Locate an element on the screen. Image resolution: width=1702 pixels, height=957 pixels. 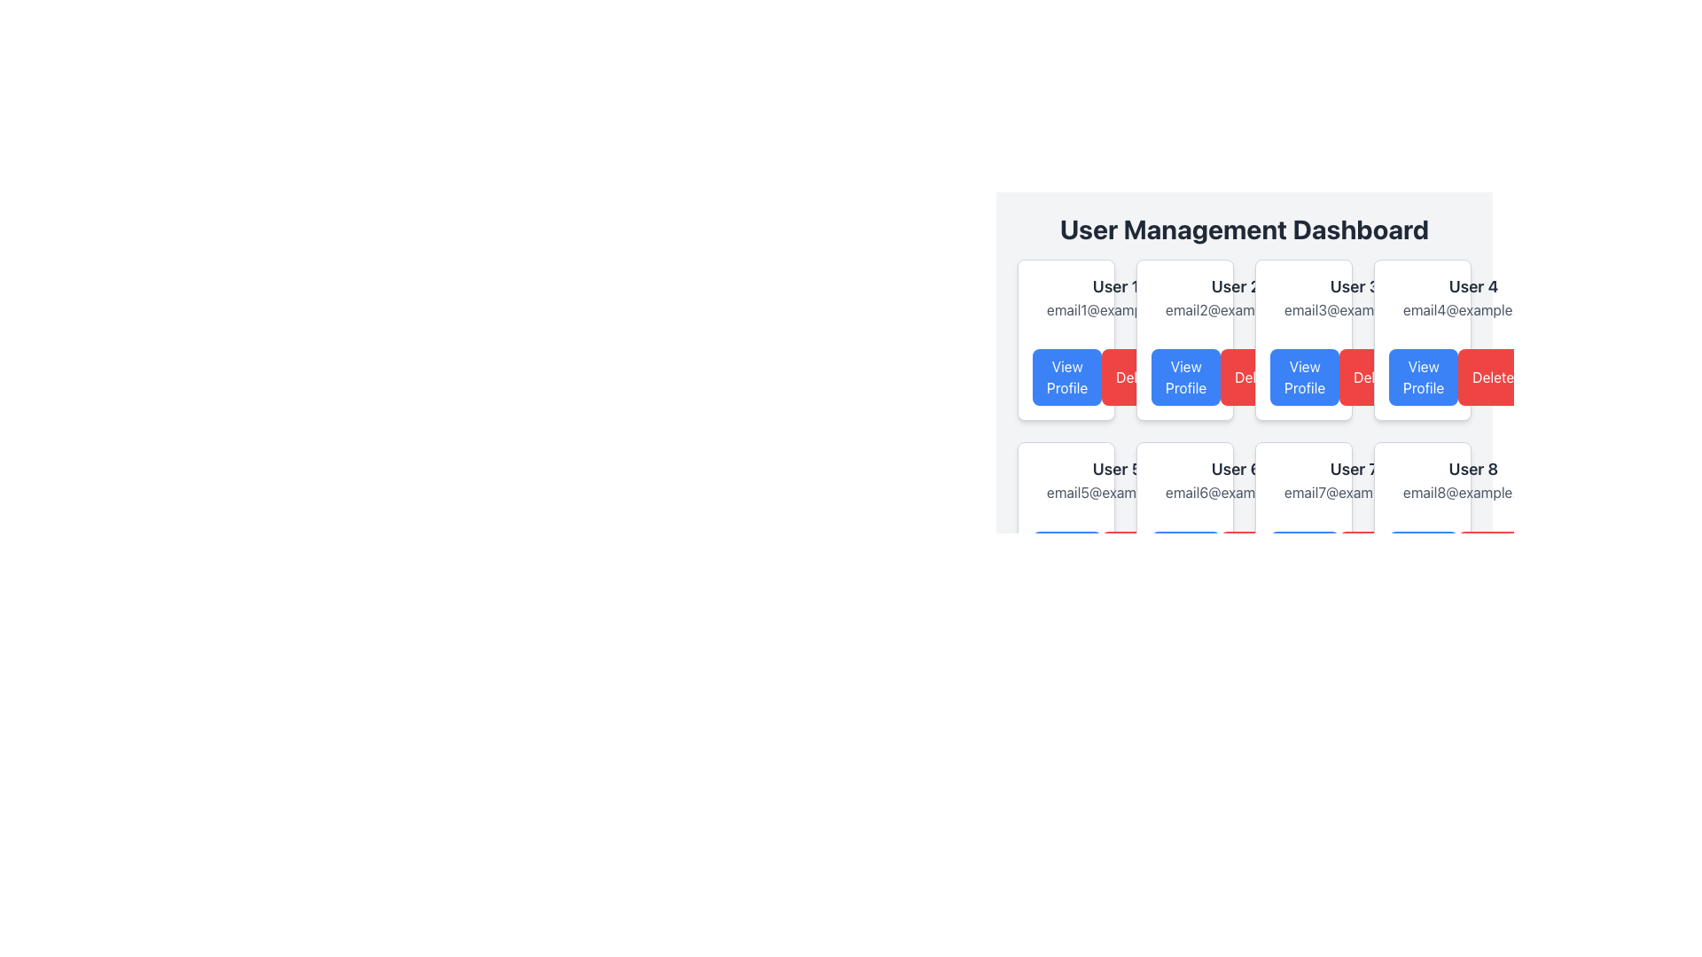
the button located in the bottom-right section of the card labeled 'User 3' is located at coordinates (1303, 376).